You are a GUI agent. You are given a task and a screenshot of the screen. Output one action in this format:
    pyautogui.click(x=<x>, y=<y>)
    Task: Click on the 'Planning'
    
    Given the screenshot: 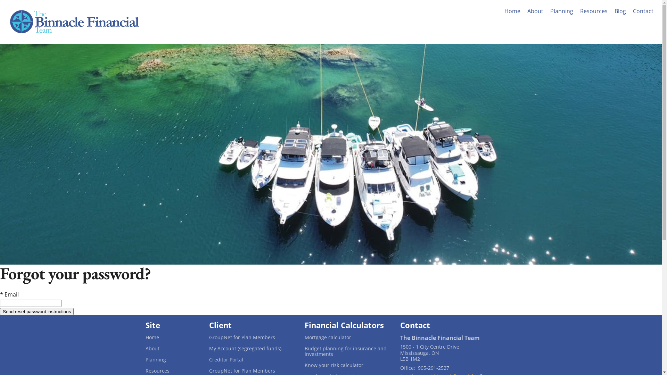 What is the action you would take?
    pyautogui.click(x=171, y=359)
    